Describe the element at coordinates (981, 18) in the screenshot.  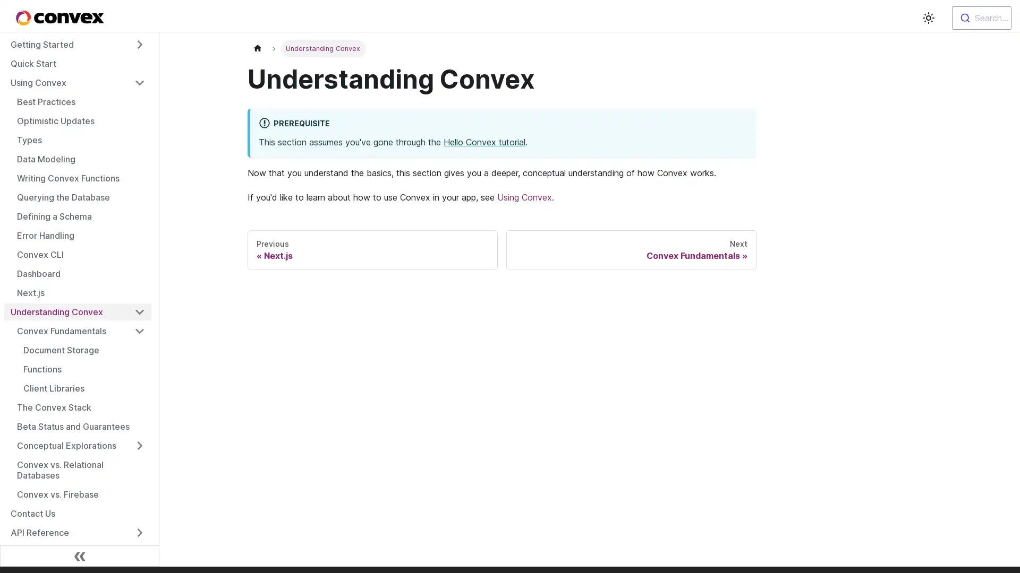
I see `Search...` at that location.